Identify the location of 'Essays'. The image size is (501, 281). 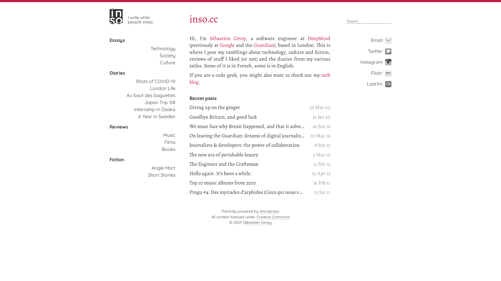
(117, 40).